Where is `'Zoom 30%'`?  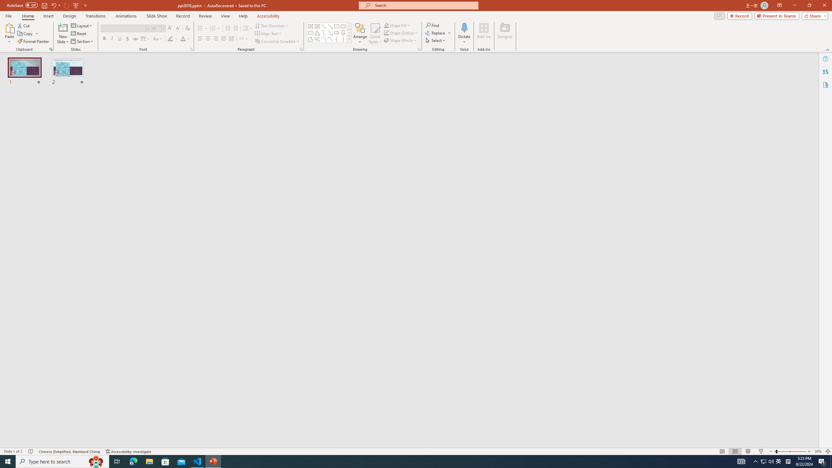 'Zoom 30%' is located at coordinates (818, 451).